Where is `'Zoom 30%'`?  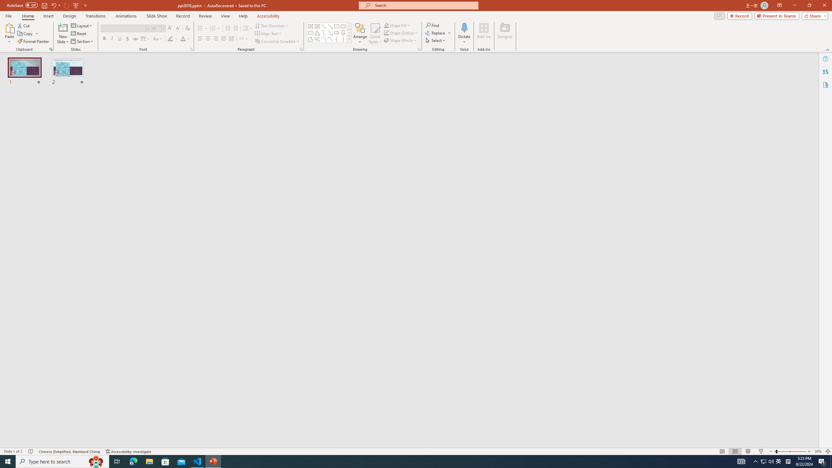 'Zoom 30%' is located at coordinates (818, 451).